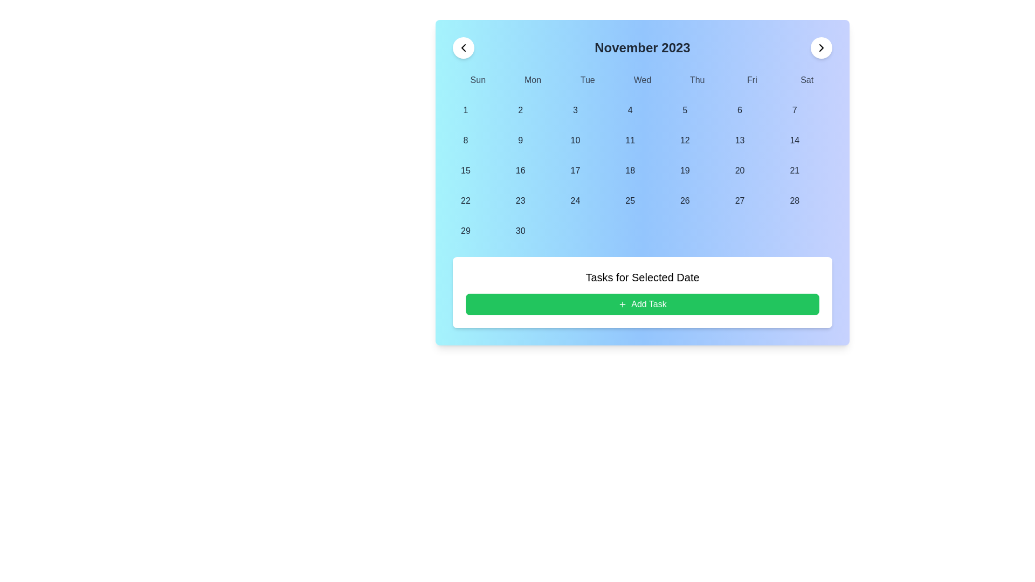 Image resolution: width=1035 pixels, height=582 pixels. Describe the element at coordinates (533, 80) in the screenshot. I see `the text label displaying 'Mon', which is the second label for Monday in the row of days of the week, positioned between 'Sun' and 'Tue'` at that location.